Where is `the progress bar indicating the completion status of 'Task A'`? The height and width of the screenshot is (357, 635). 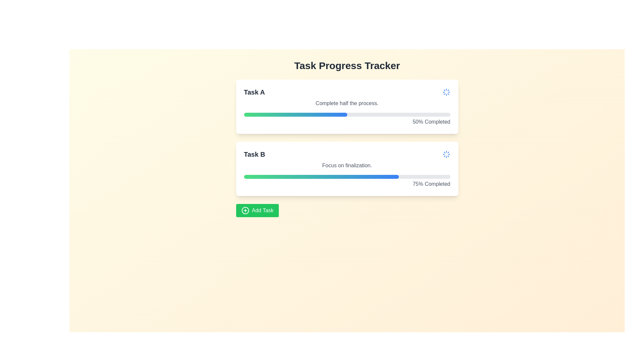
the progress bar indicating the completion status of 'Task A' is located at coordinates (295, 114).